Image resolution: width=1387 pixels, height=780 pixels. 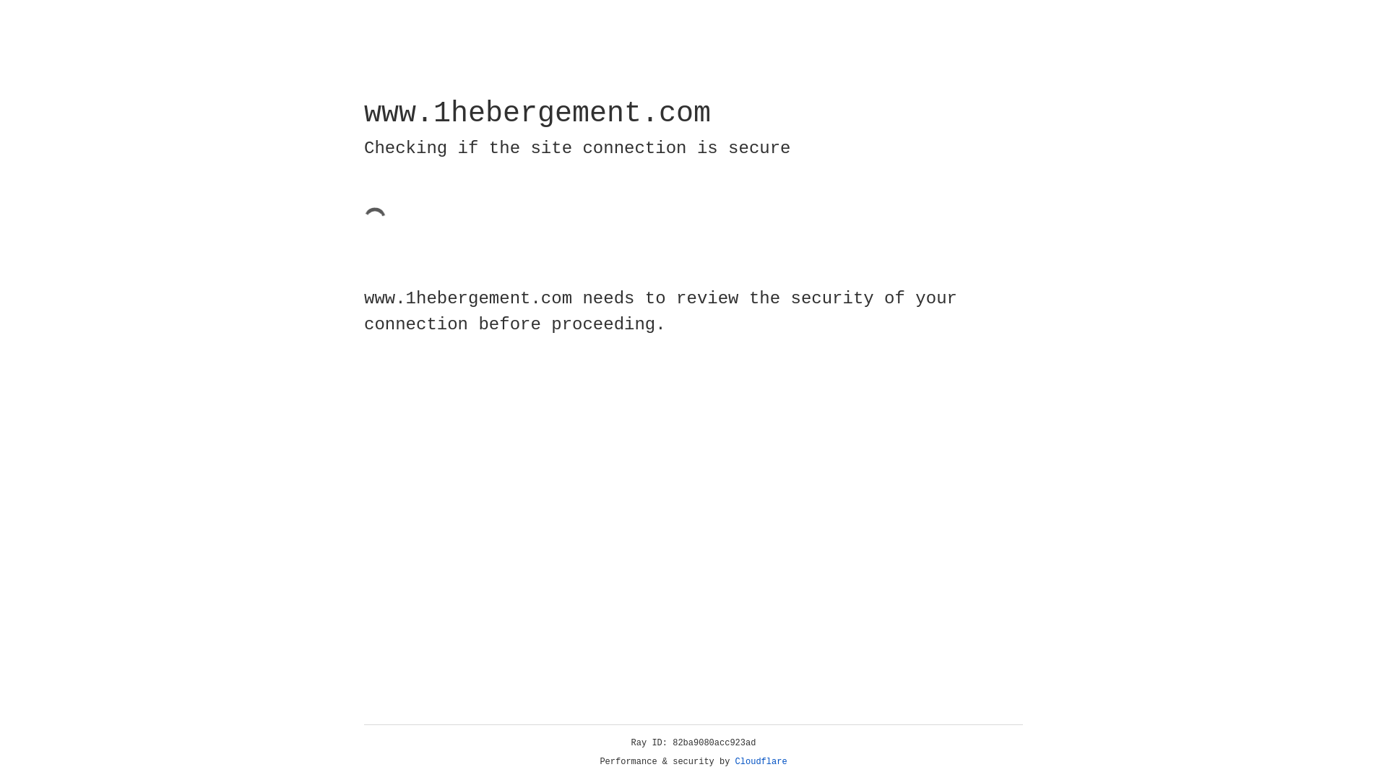 What do you see at coordinates (761, 761) in the screenshot?
I see `'Cloudflare'` at bounding box center [761, 761].